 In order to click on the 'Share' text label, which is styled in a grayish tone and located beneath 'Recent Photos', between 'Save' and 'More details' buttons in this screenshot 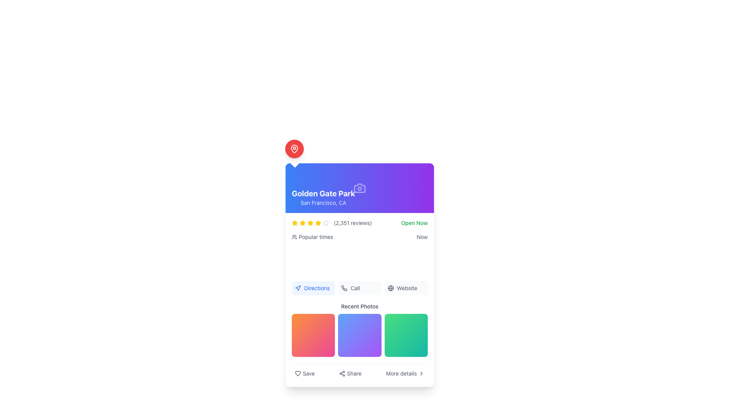, I will do `click(354, 373)`.